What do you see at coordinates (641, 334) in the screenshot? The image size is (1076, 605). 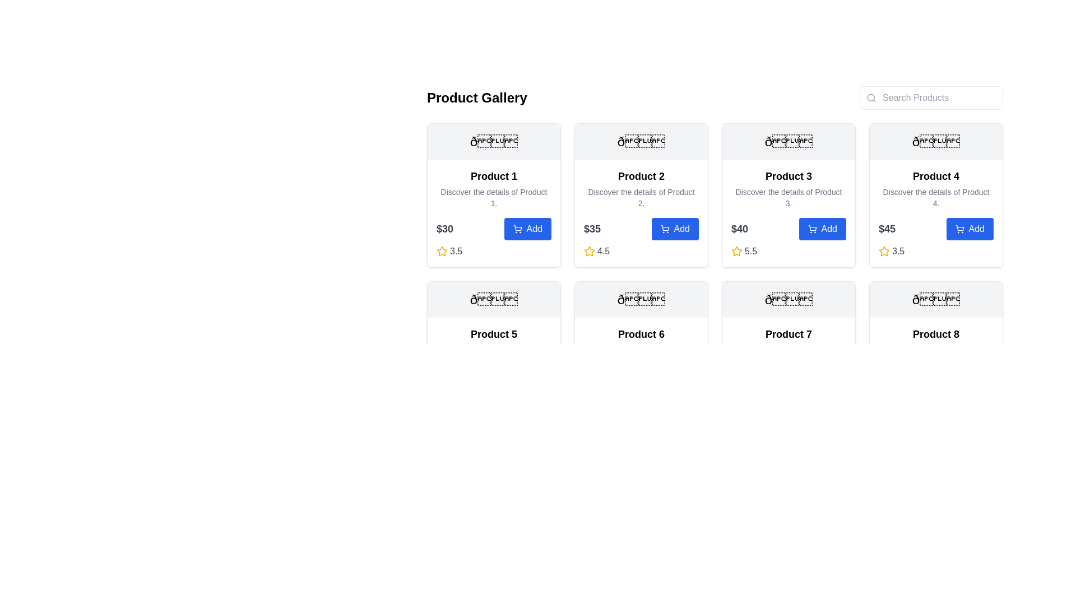 I see `the text label that reads 'Product 6', which is displayed in bold and larger font size, located centrally within the sixth product card in a grid layout` at bounding box center [641, 334].